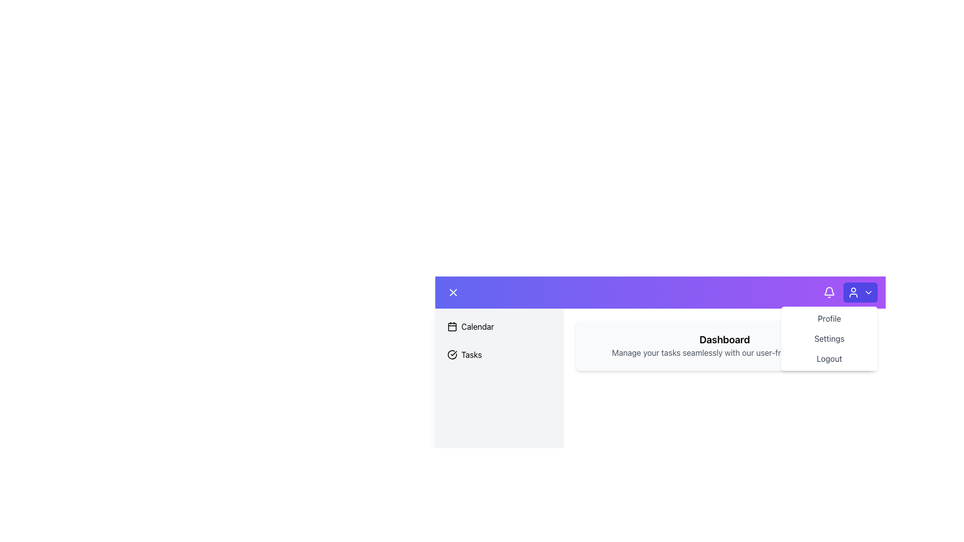 The image size is (964, 542). What do you see at coordinates (829, 358) in the screenshot?
I see `the logout button located at the bottom of the dropdown list, which is the third item after 'Profile' and 'Settings'` at bounding box center [829, 358].